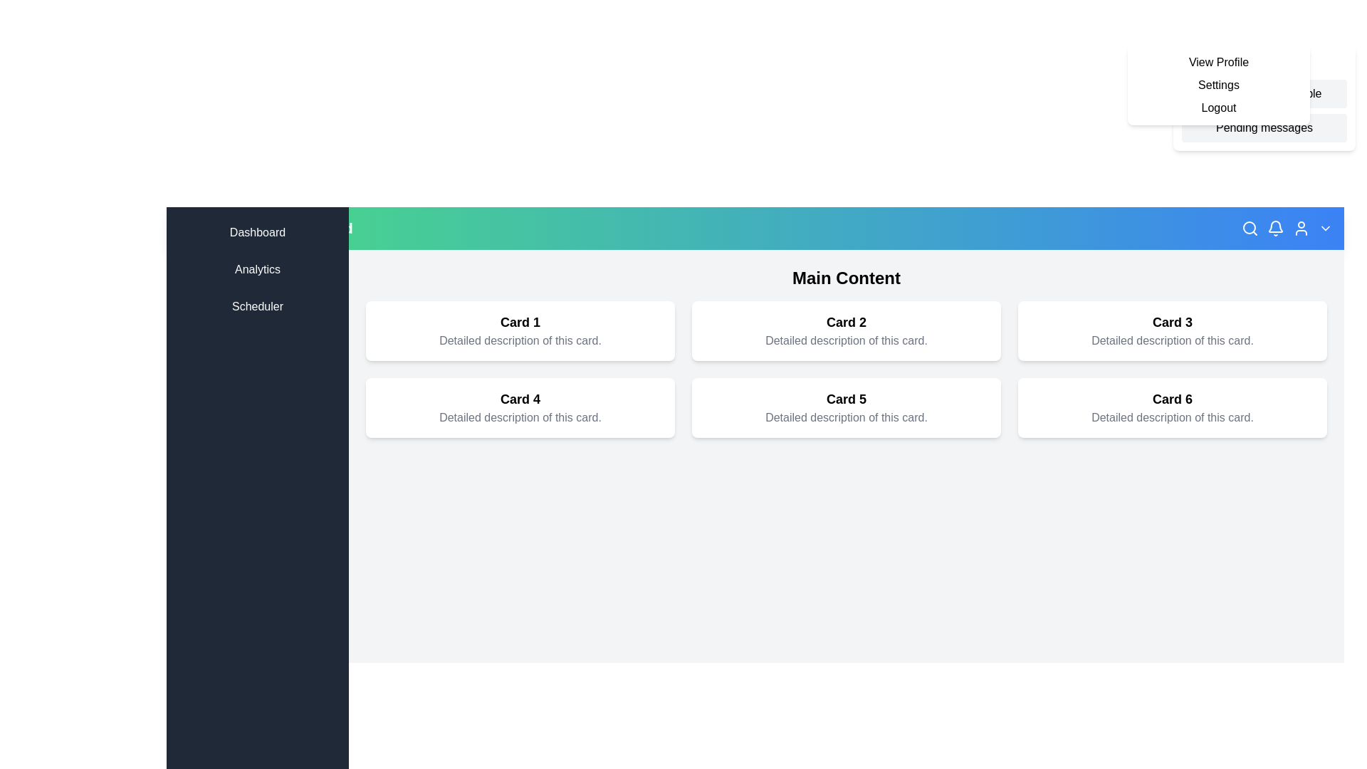 Image resolution: width=1367 pixels, height=769 pixels. What do you see at coordinates (257, 269) in the screenshot?
I see `the 'Analytics' menu item, which is the second item in the vertical menu located in the left-hand navigation bar, styled with a dark background and white text` at bounding box center [257, 269].